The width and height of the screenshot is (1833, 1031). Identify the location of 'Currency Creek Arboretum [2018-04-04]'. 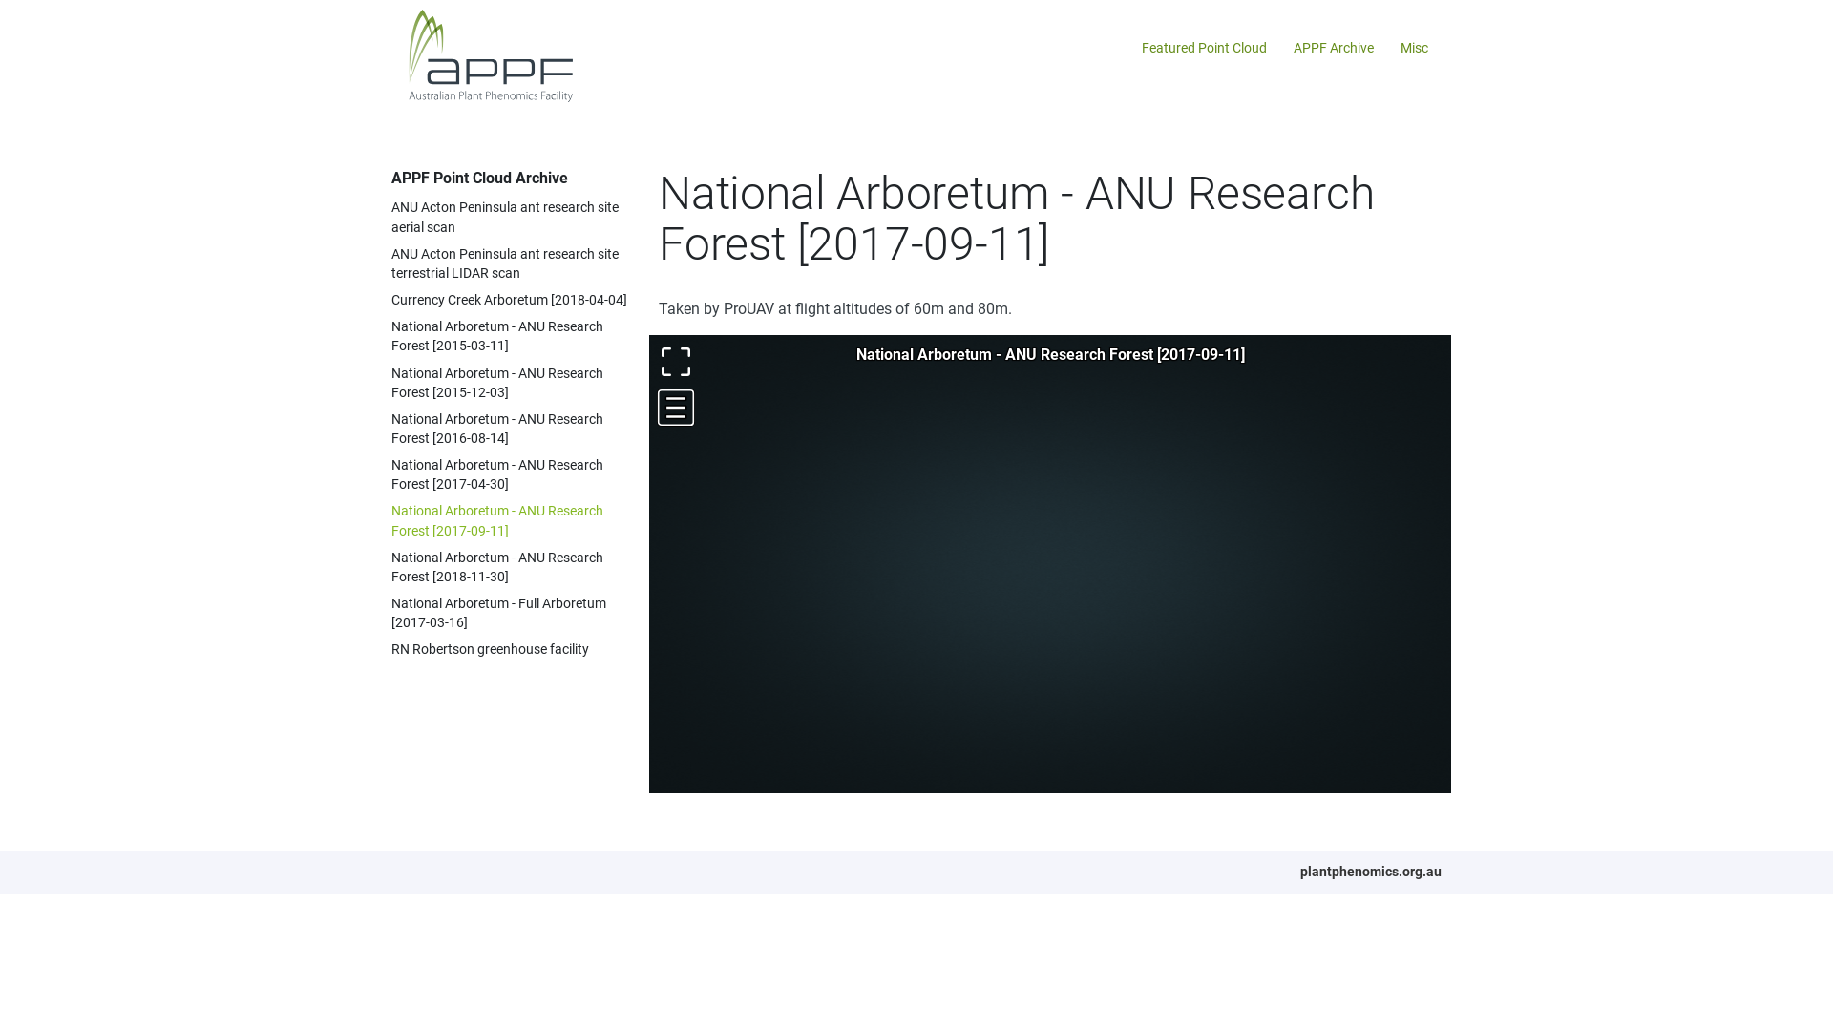
(509, 300).